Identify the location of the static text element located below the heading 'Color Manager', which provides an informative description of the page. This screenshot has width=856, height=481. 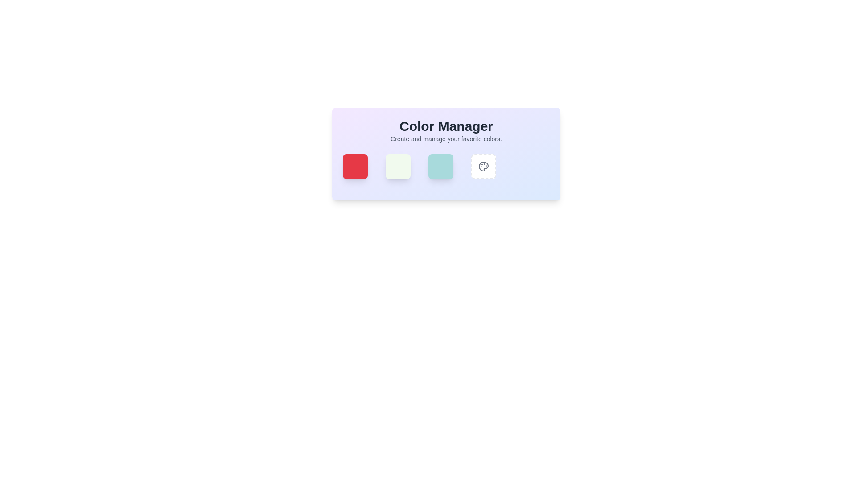
(446, 139).